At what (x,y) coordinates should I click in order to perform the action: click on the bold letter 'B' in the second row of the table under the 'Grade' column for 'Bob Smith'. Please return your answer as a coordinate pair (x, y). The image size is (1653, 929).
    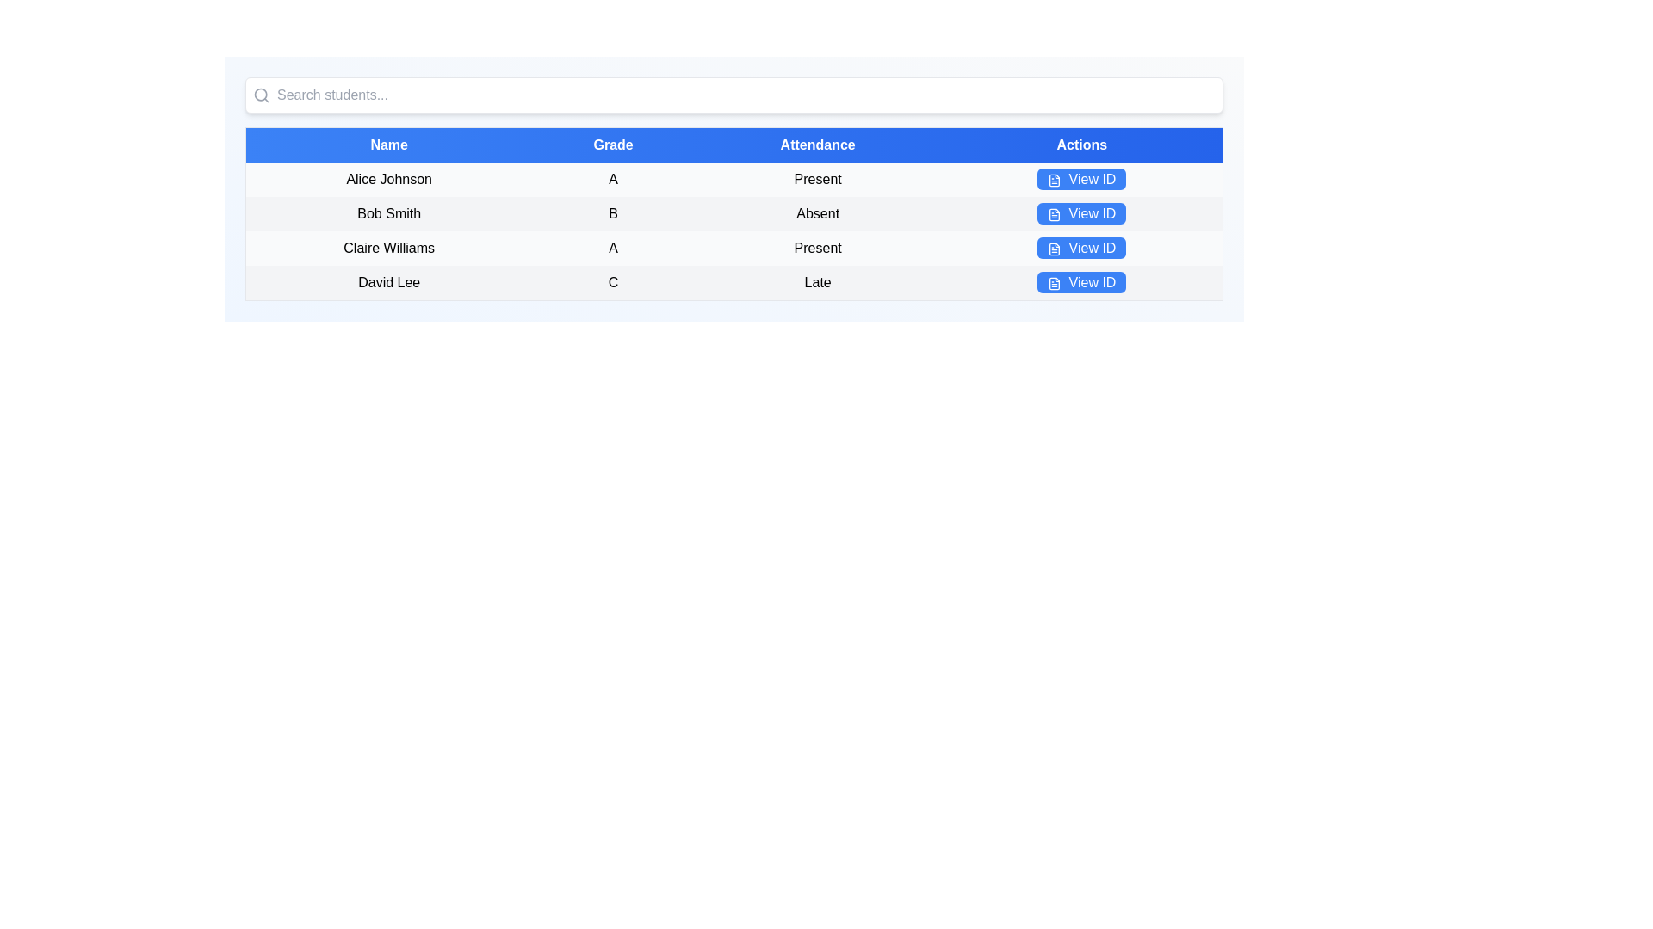
    Looking at the image, I should click on (613, 213).